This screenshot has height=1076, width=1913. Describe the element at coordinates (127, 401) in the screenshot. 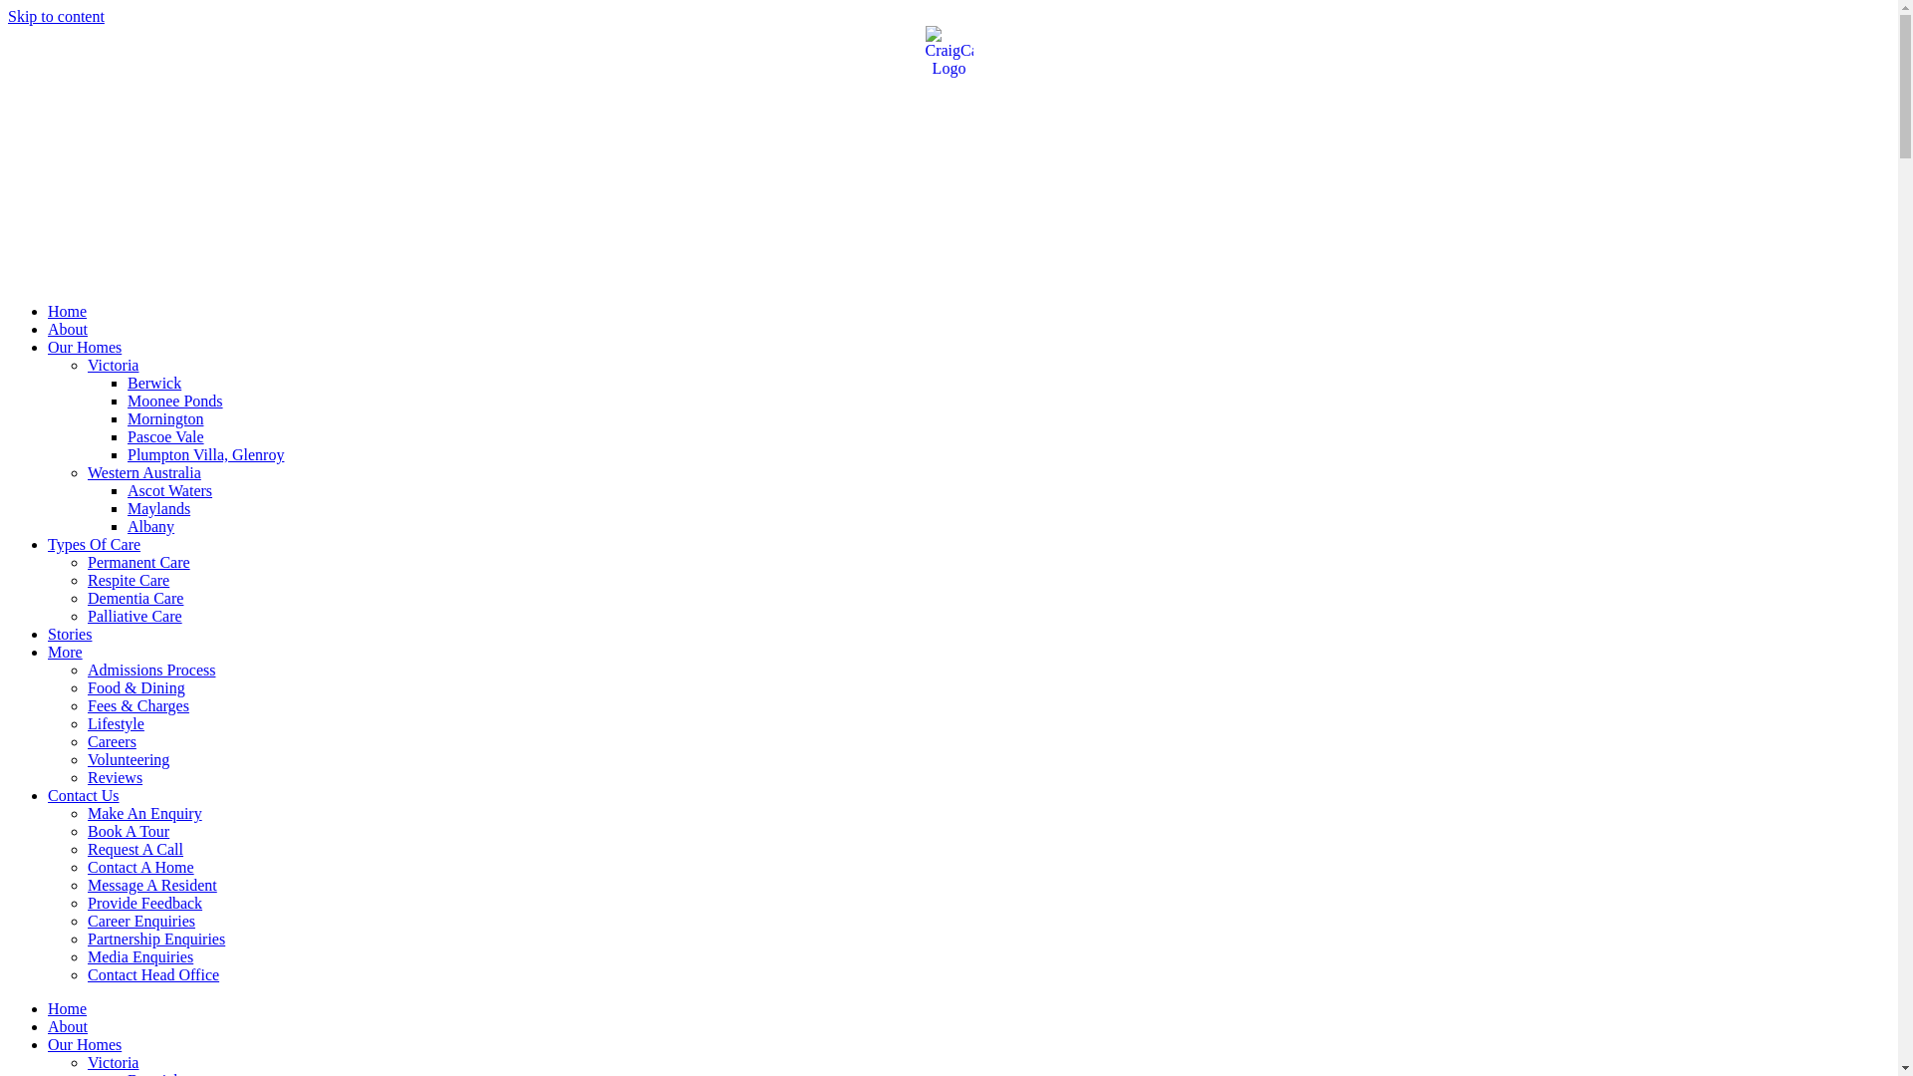

I see `'Moonee Ponds'` at that location.